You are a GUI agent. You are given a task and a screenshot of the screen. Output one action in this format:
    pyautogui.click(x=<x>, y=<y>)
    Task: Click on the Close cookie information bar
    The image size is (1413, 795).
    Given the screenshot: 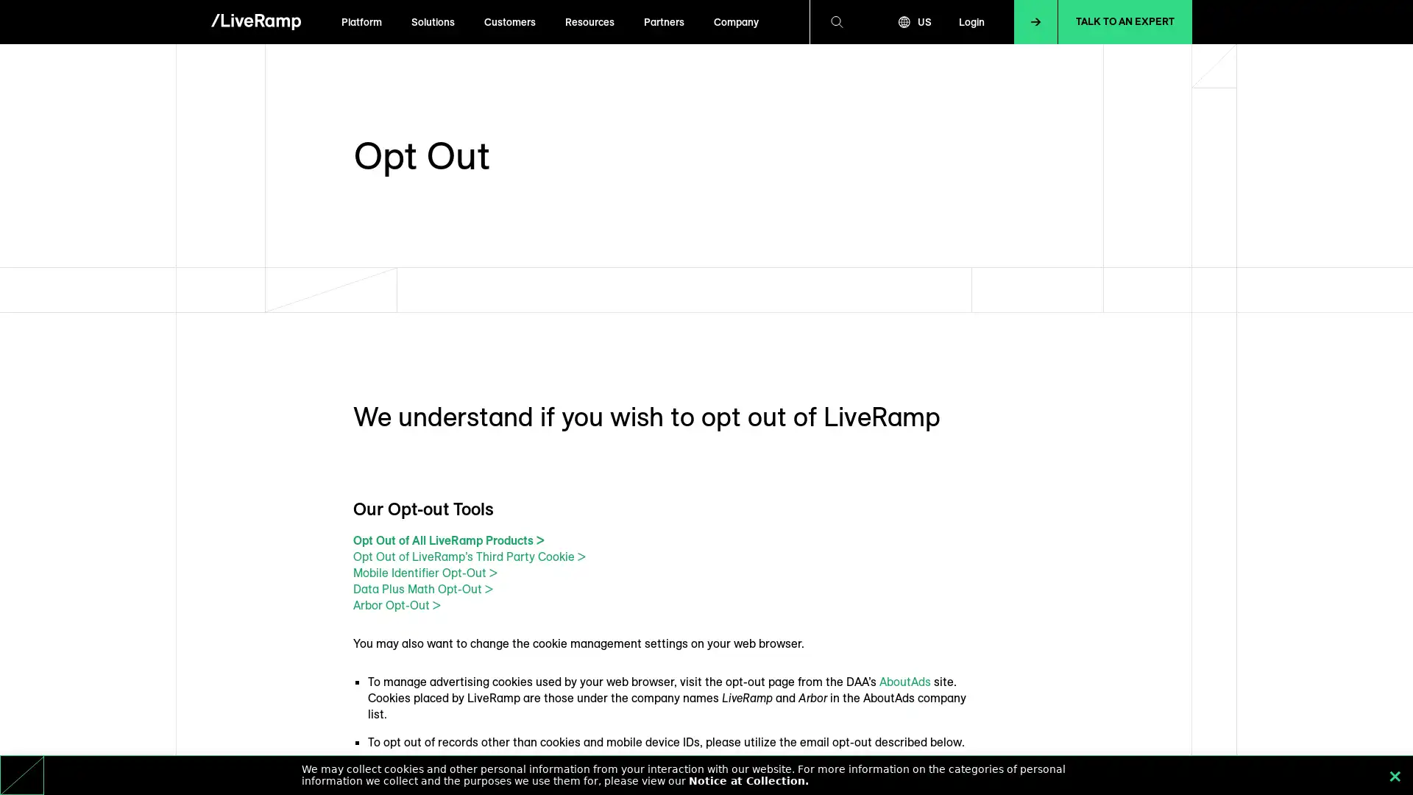 What is the action you would take?
    pyautogui.click(x=1395, y=774)
    